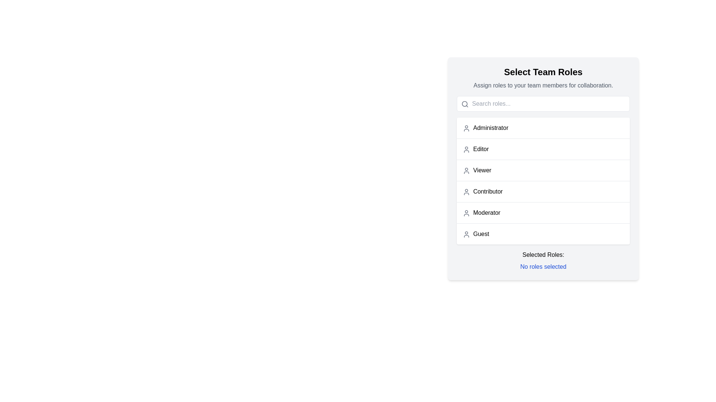  I want to click on the SVG Circle Shape that represents the lens of the magnifying glass icon located on the left side of the search input field, so click(464, 104).